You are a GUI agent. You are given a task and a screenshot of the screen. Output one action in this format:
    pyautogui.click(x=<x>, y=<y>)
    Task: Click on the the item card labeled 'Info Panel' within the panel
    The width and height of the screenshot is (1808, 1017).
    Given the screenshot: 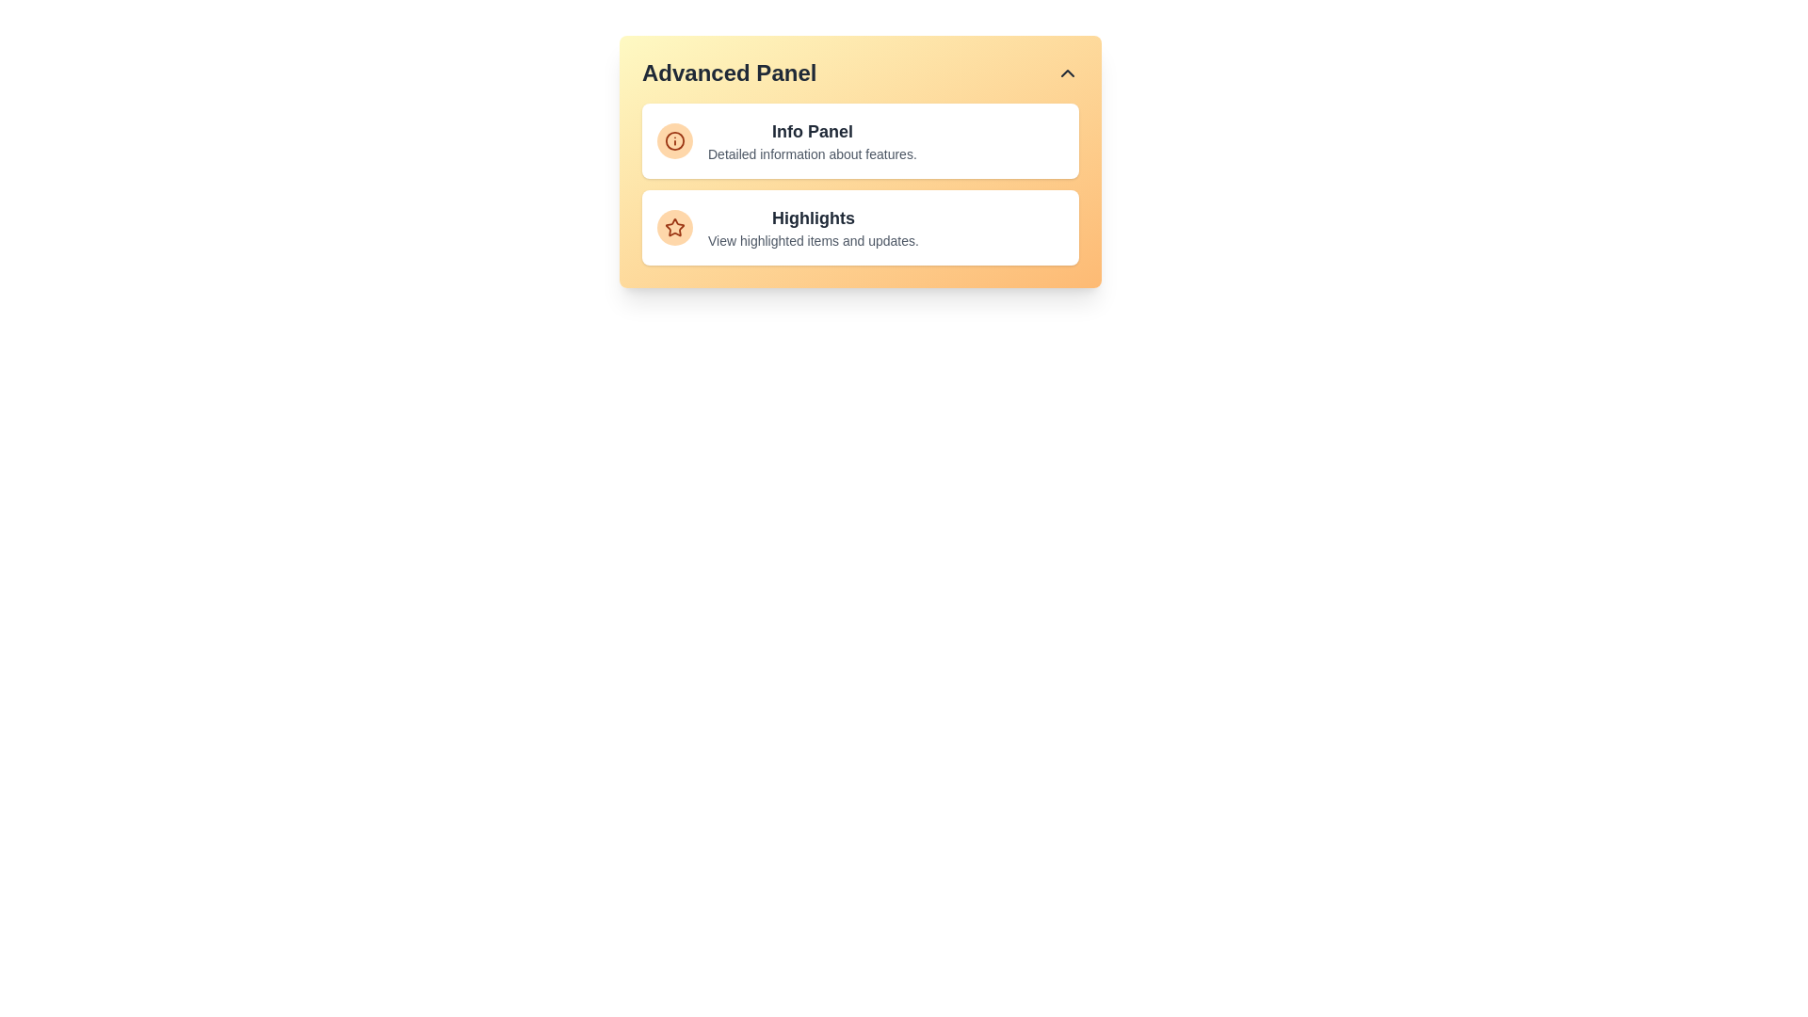 What is the action you would take?
    pyautogui.click(x=859, y=140)
    